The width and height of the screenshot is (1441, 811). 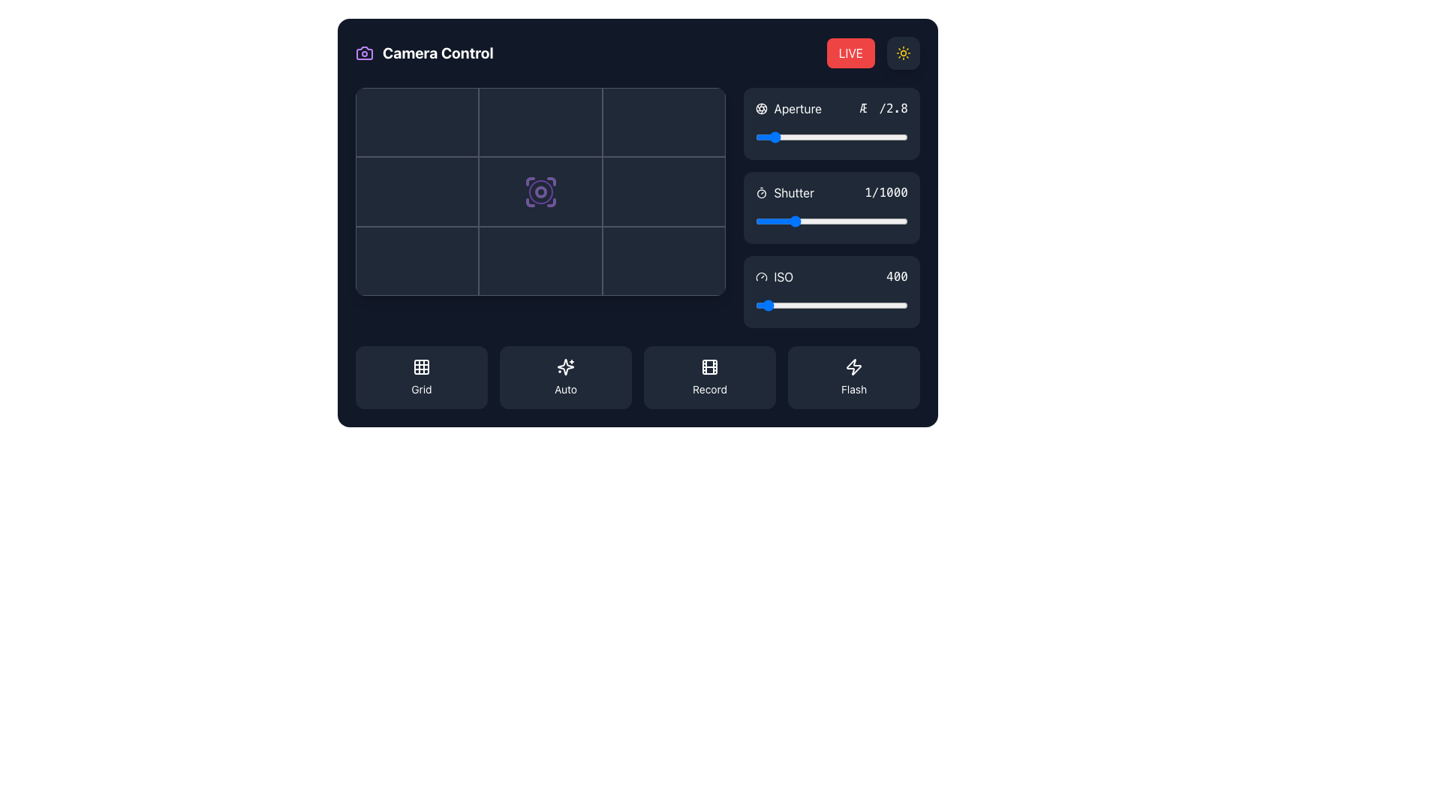 What do you see at coordinates (708, 389) in the screenshot?
I see `the text label containing the word 'Record', which is styled in white against a dark background and located at the bottom of a grid-based control layout as the third button from the left` at bounding box center [708, 389].